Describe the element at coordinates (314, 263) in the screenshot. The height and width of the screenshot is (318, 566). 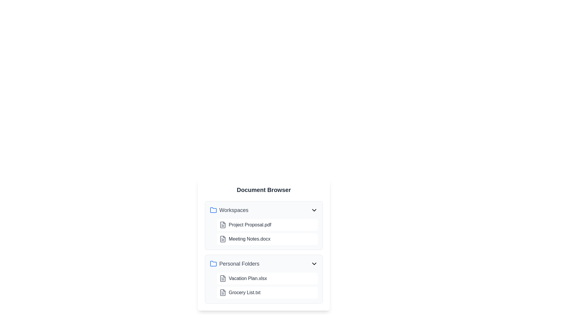
I see `the chevron-down icon button in the header bar of the 'Personal Folders' section` at that location.